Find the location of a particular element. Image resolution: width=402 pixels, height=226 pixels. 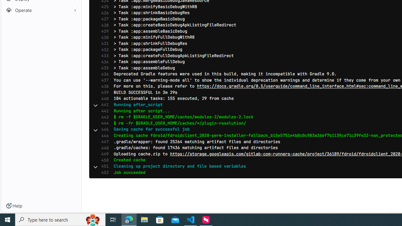

'425' is located at coordinates (103, 7).